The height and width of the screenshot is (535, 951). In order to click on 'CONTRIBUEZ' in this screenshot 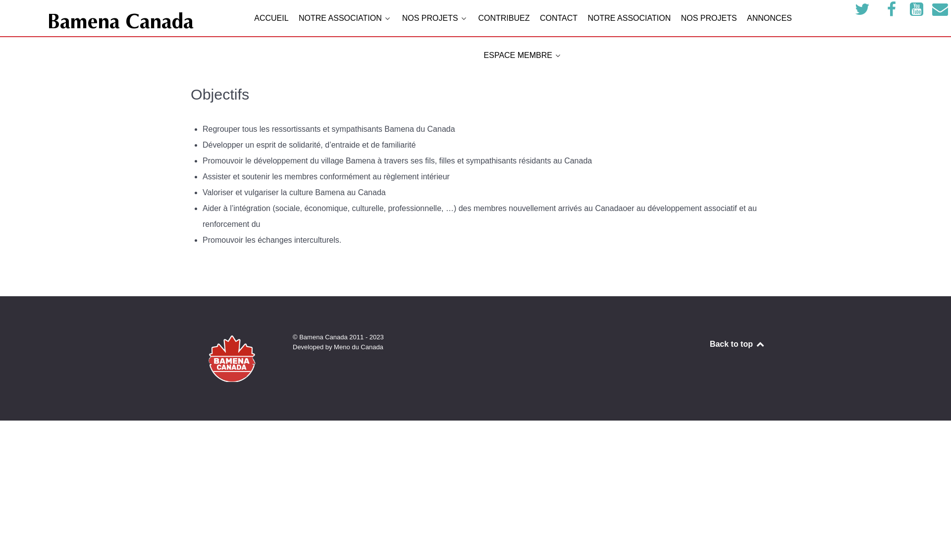, I will do `click(504, 19)`.